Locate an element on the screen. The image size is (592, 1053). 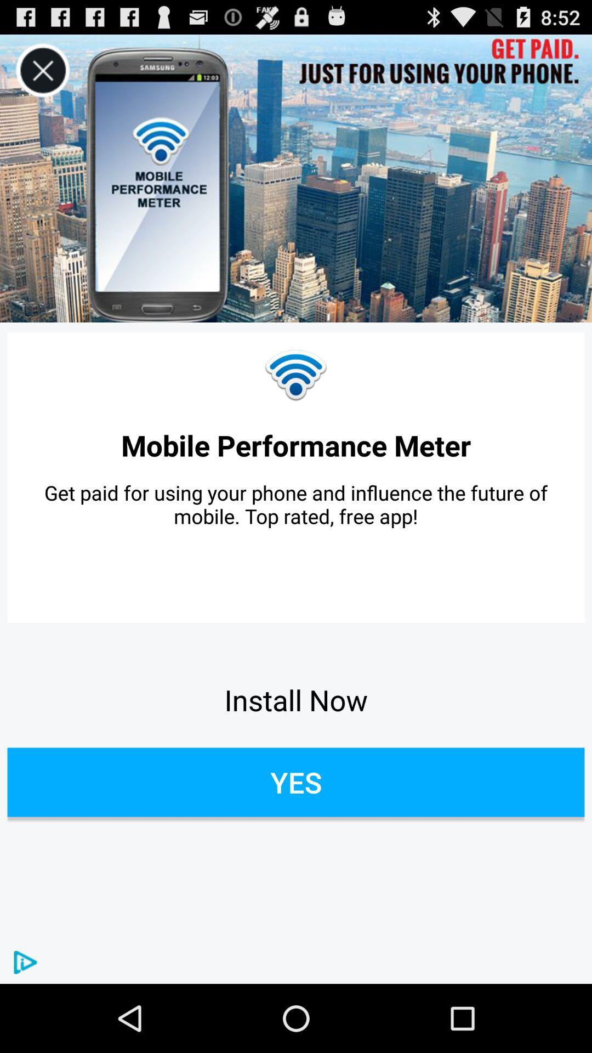
the network_wifi icon is located at coordinates (296, 401).